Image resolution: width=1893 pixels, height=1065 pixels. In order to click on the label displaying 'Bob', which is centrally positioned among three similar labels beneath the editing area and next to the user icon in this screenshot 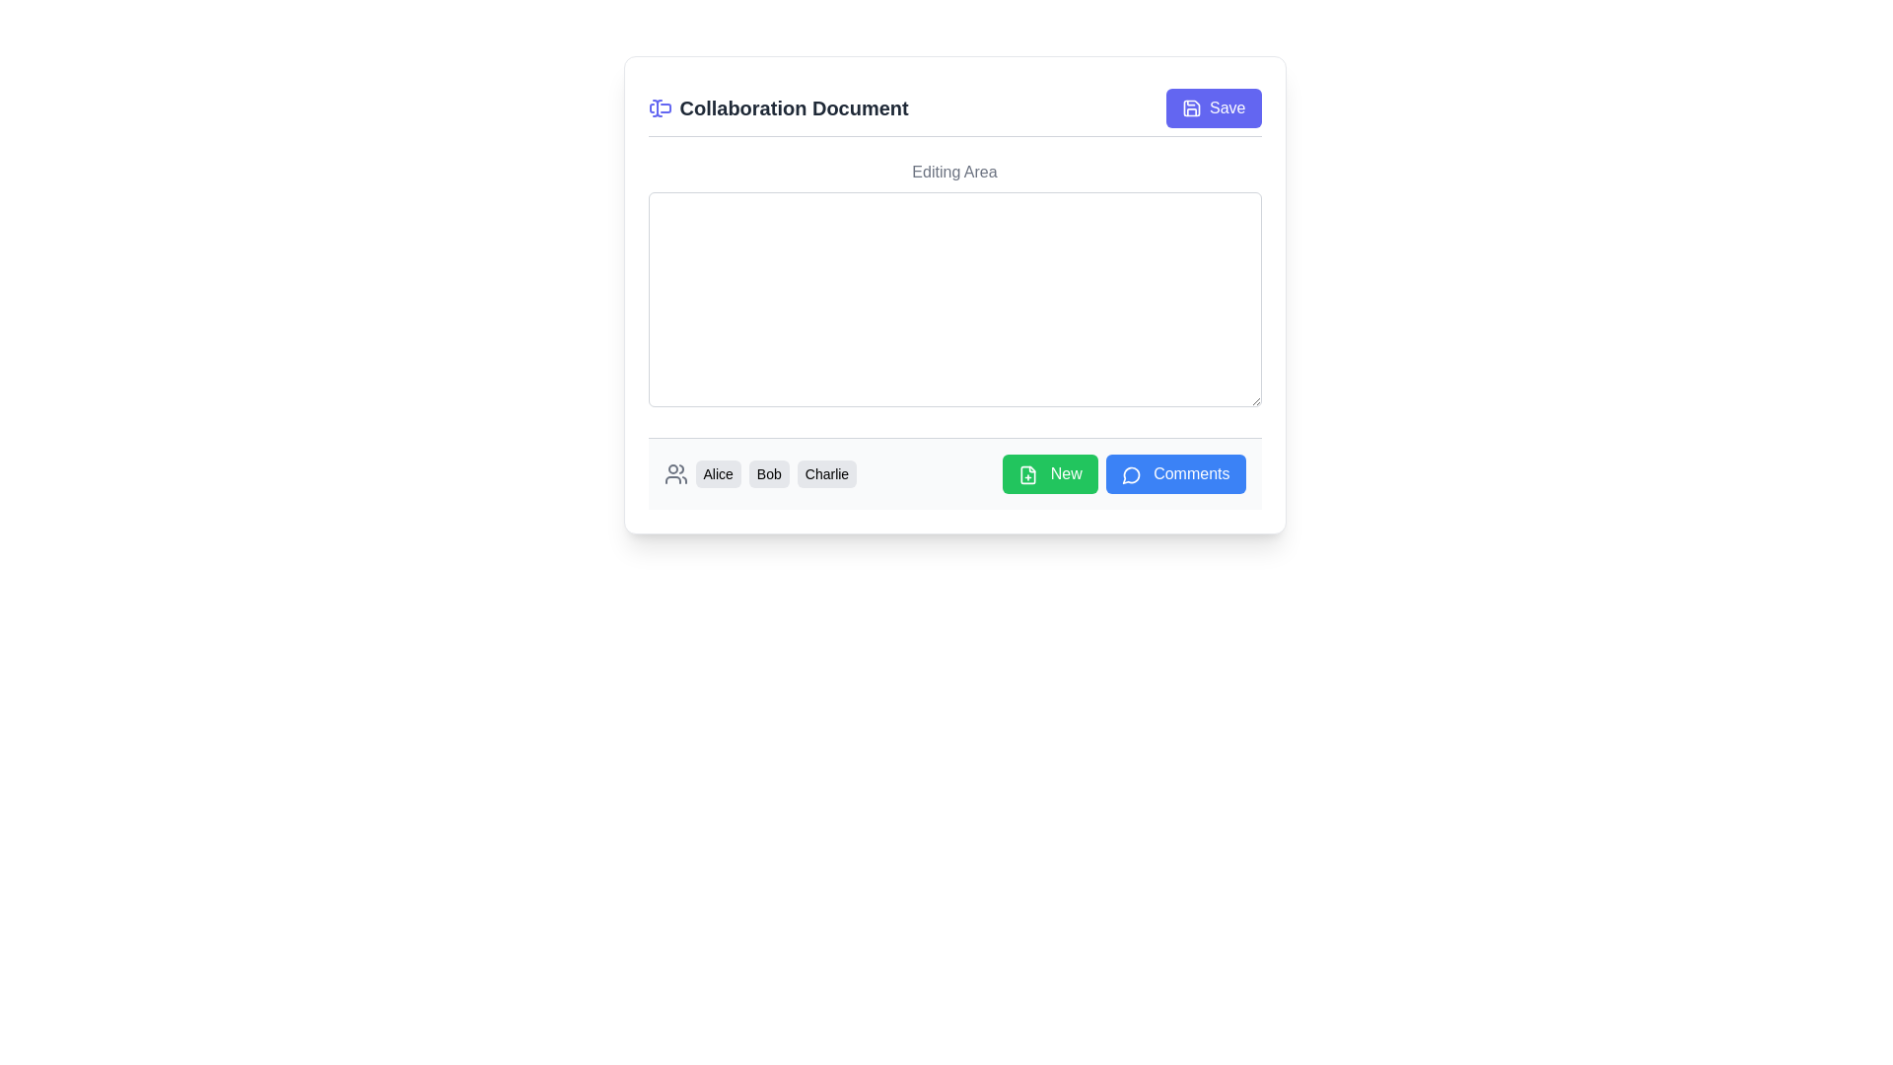, I will do `click(775, 474)`.